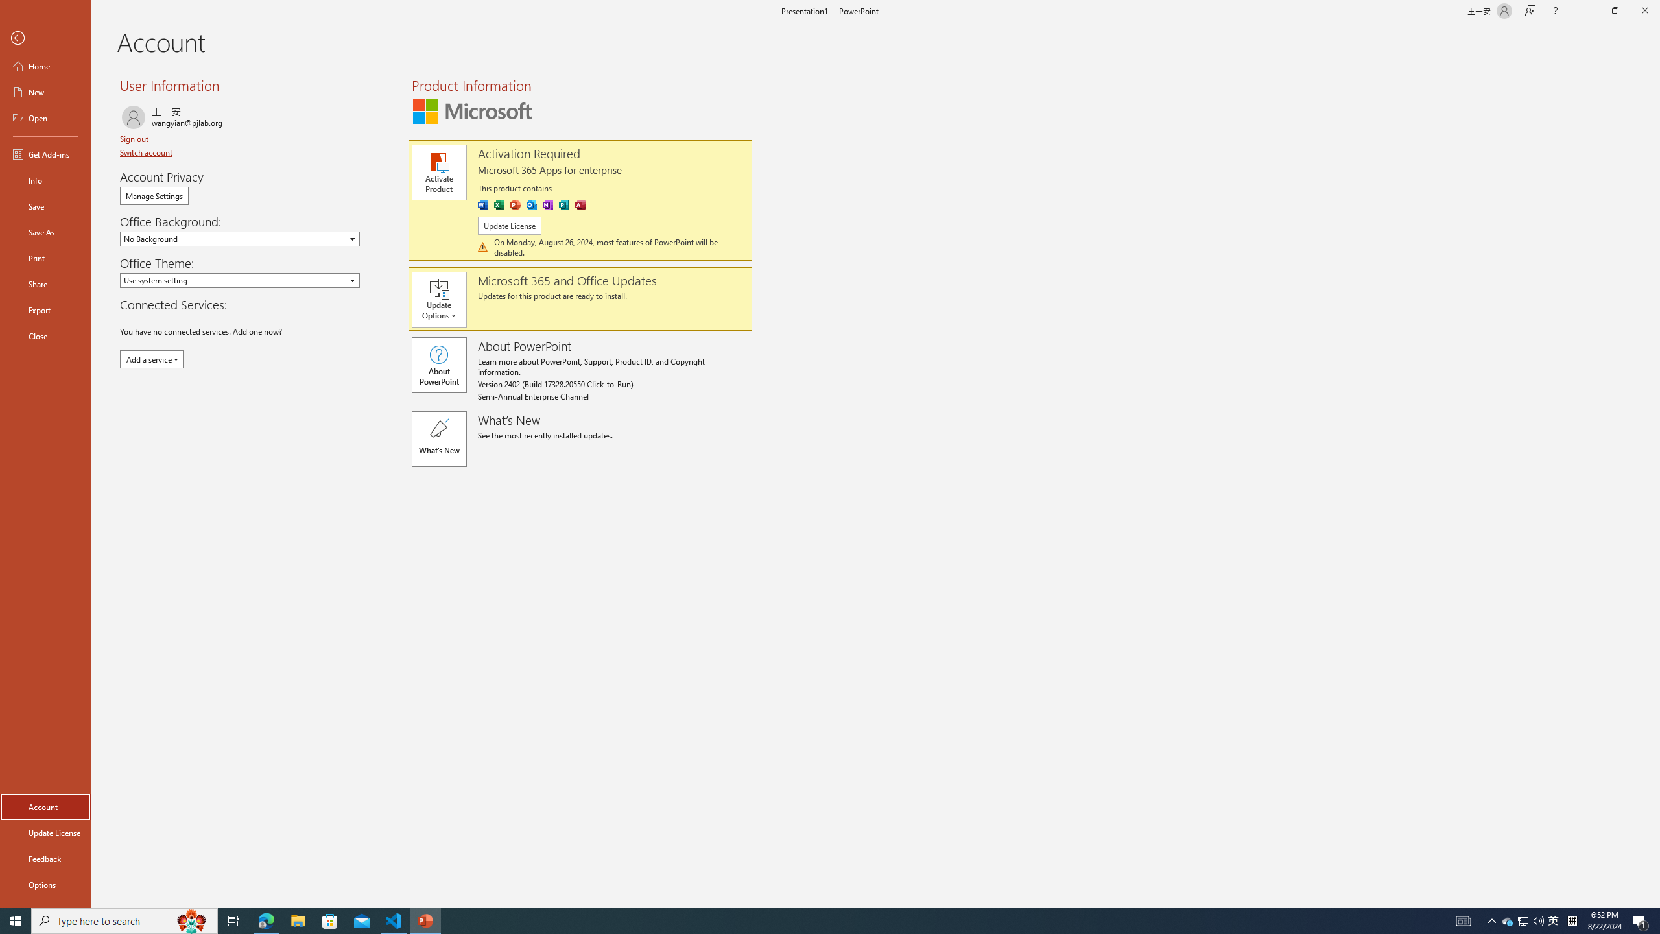  Describe the element at coordinates (45, 91) in the screenshot. I see `'New'` at that location.